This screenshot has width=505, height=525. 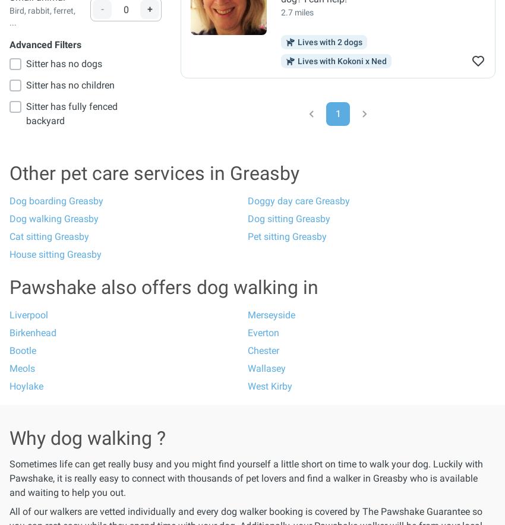 What do you see at coordinates (8, 254) in the screenshot?
I see `'House sitting Greasby'` at bounding box center [8, 254].